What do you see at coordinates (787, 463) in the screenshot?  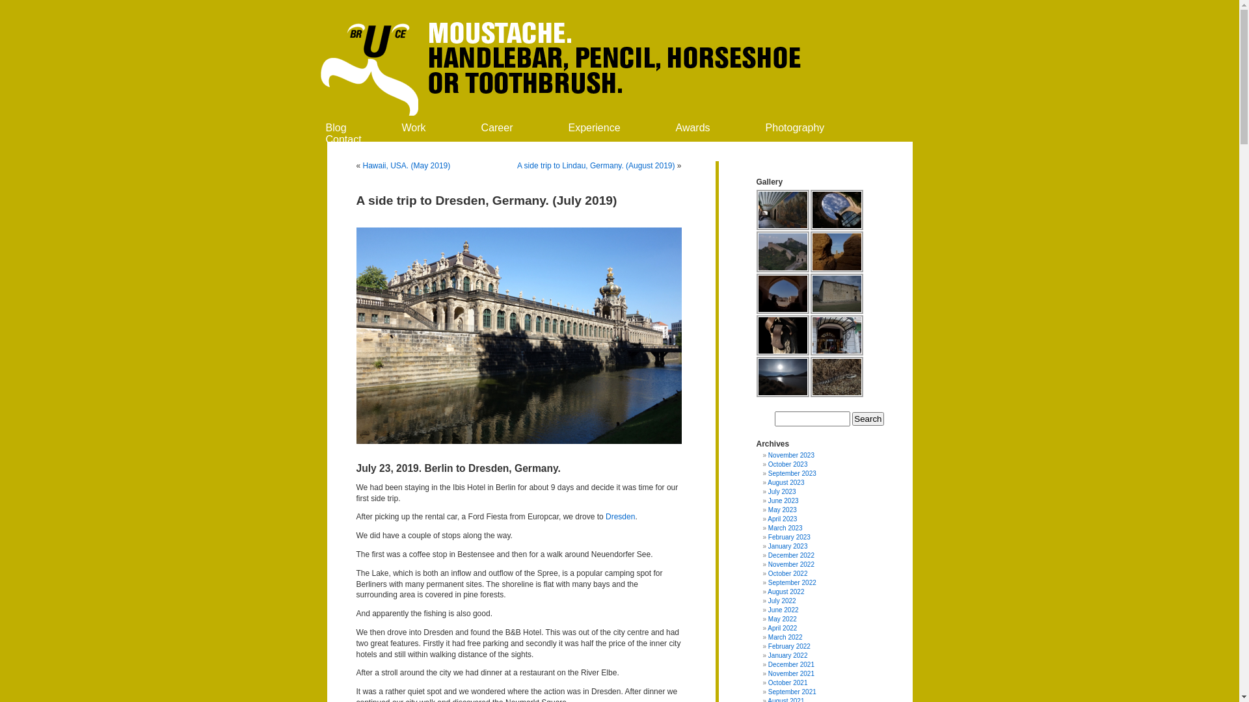 I see `'October 2023'` at bounding box center [787, 463].